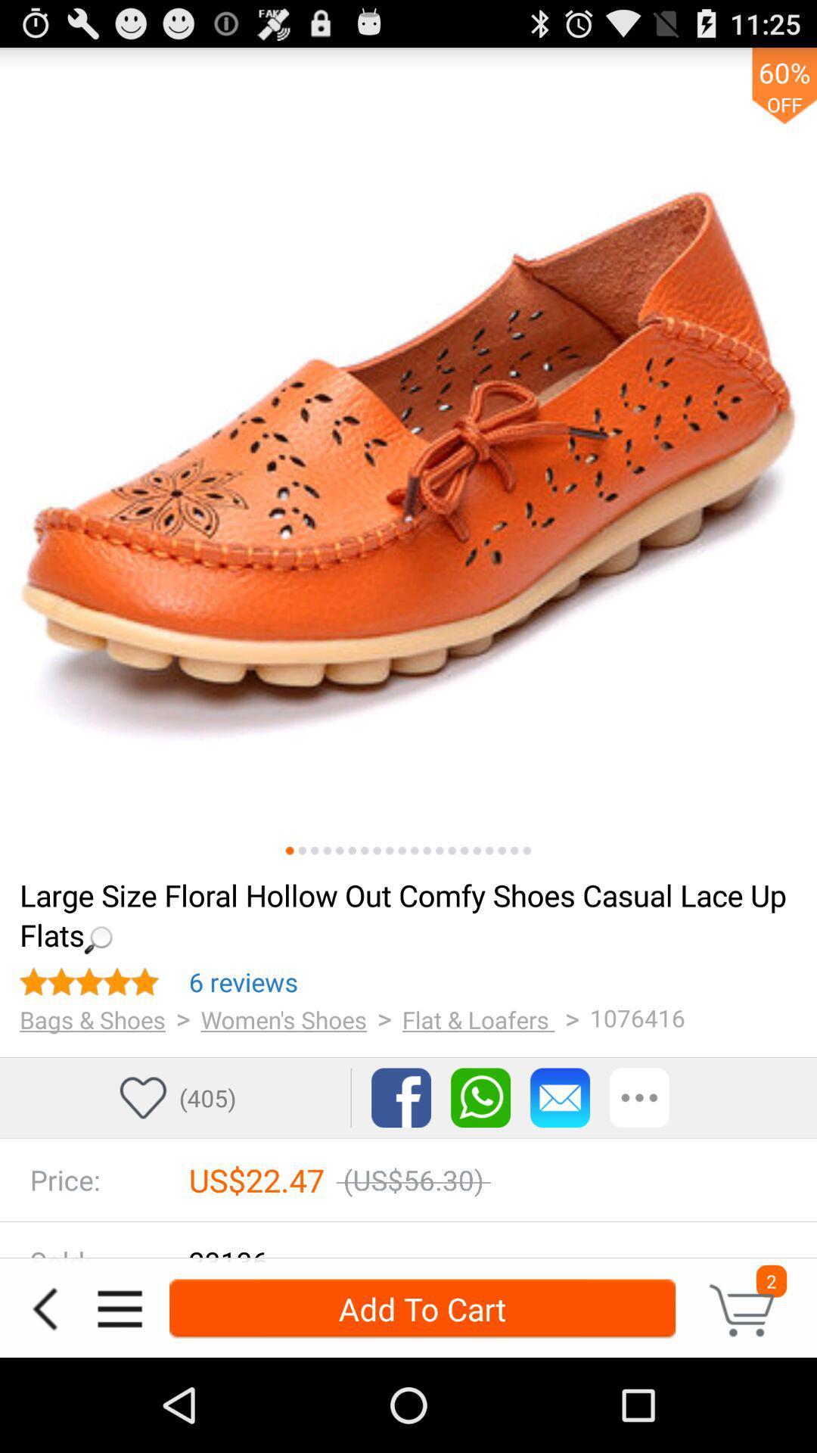  What do you see at coordinates (639, 1097) in the screenshot?
I see `show more` at bounding box center [639, 1097].